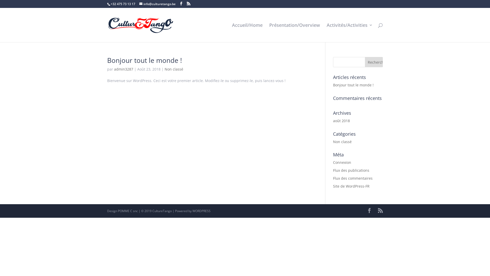 This screenshot has width=490, height=276. What do you see at coordinates (374, 62) in the screenshot?
I see `'Rechercher'` at bounding box center [374, 62].